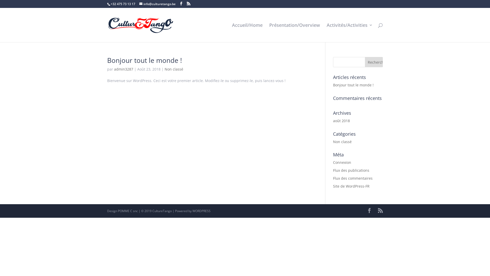 This screenshot has width=490, height=276. What do you see at coordinates (374, 62) in the screenshot?
I see `'Rechercher'` at bounding box center [374, 62].